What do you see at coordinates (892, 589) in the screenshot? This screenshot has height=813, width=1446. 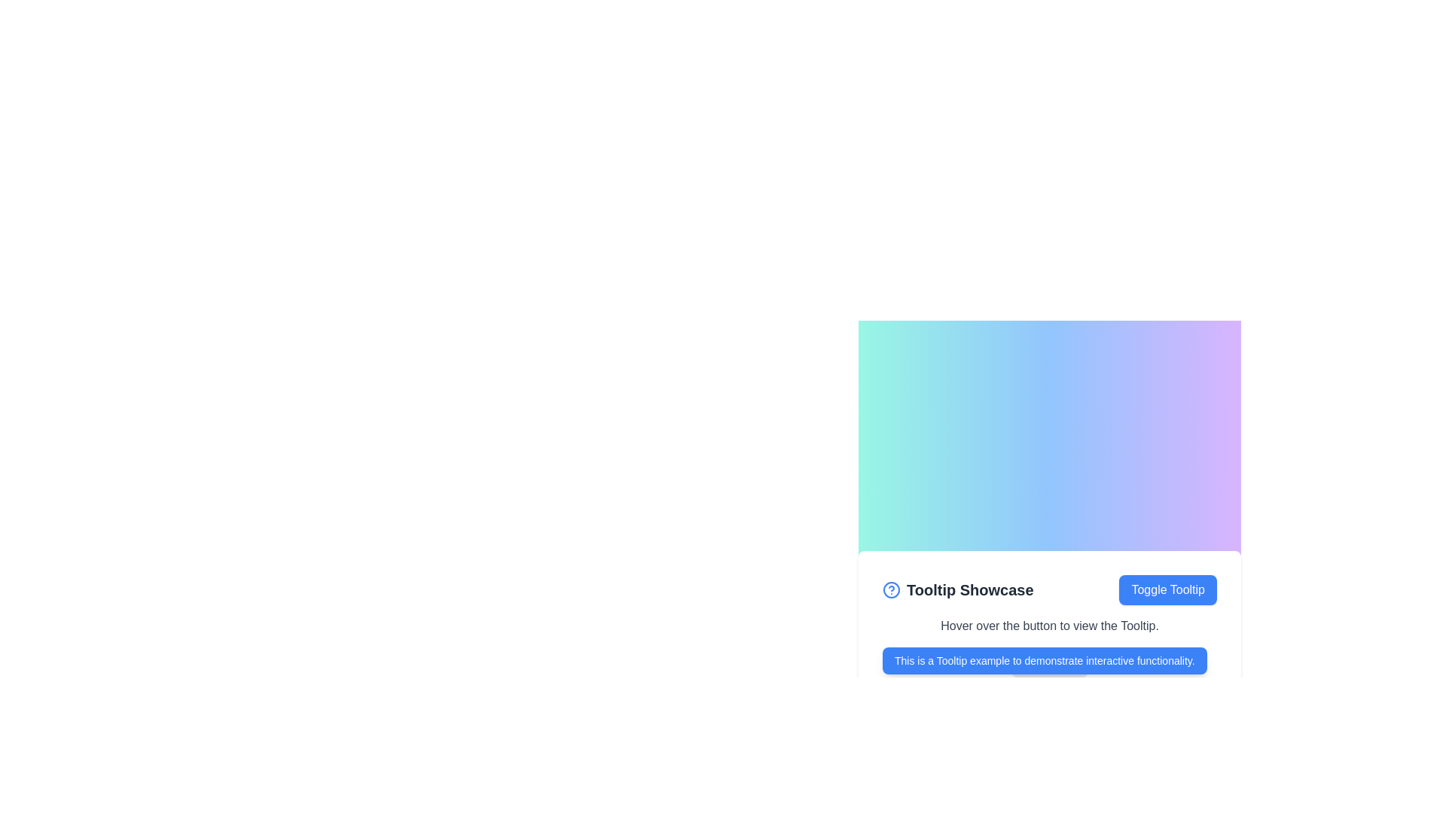 I see `the circular SVG graphic with a 10px radius, centrally placed within a 24x24px bounding box, located to the left of the 'Tooltip Showcase' text label` at bounding box center [892, 589].